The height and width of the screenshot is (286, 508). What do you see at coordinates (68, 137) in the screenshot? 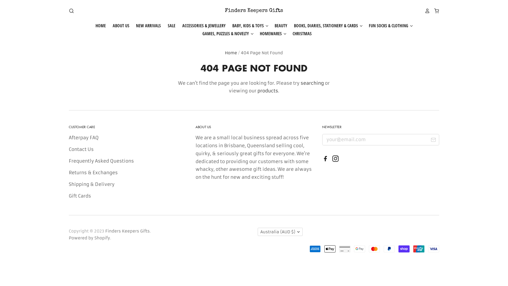
I see `'Afterpay FAQ'` at bounding box center [68, 137].